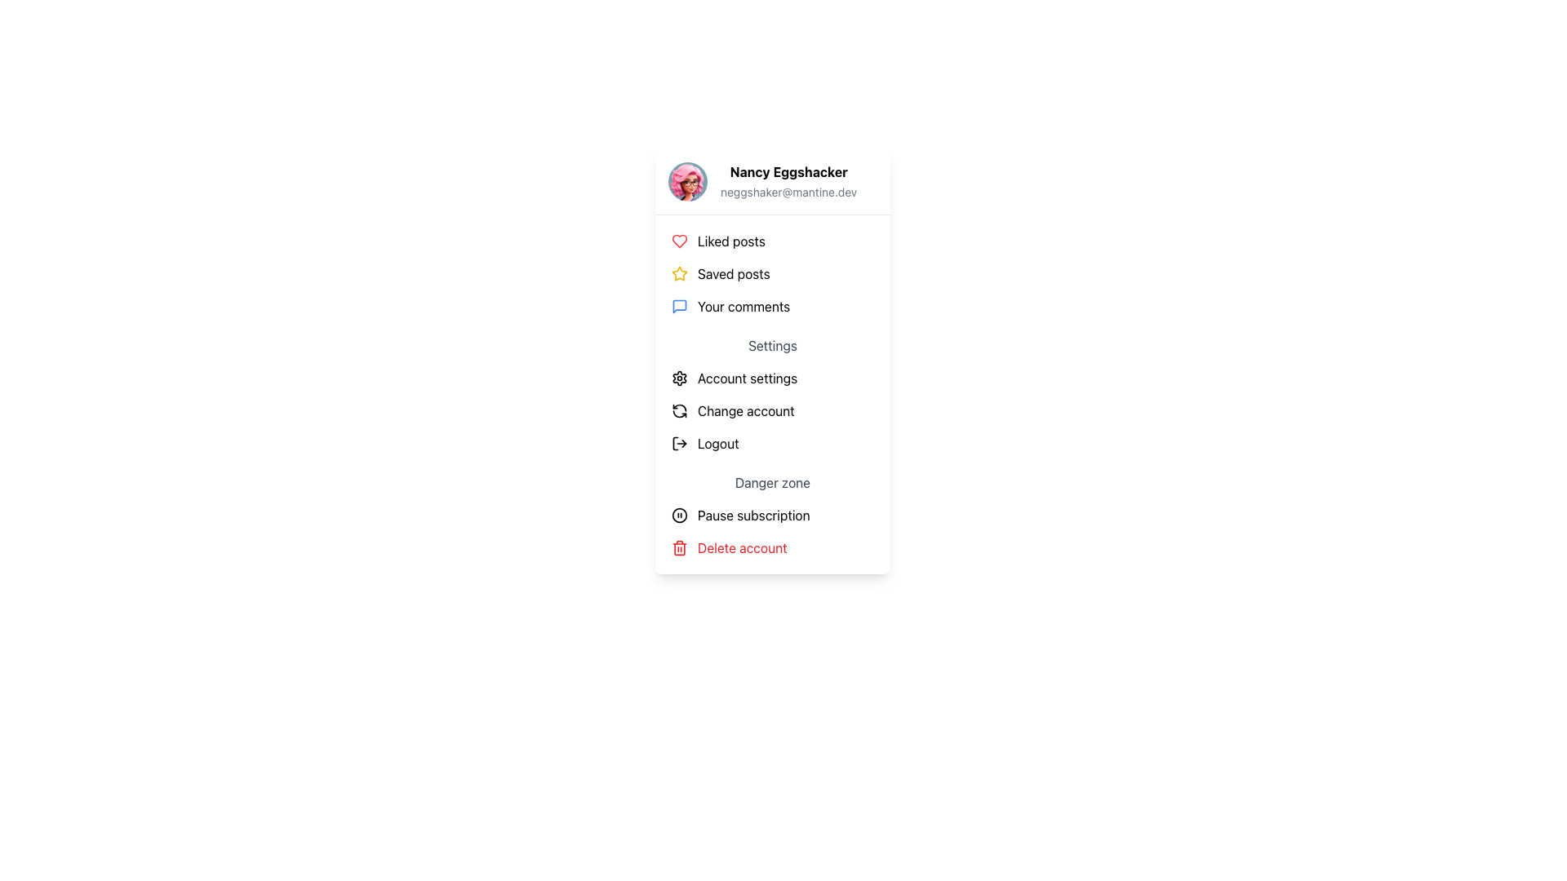 Image resolution: width=1567 pixels, height=881 pixels. What do you see at coordinates (788, 191) in the screenshot?
I see `the static text element displaying the email address 'neggshaker@mantine.dev', which is positioned below the bold name 'Nancy Eggshacker' in the user profile menu` at bounding box center [788, 191].